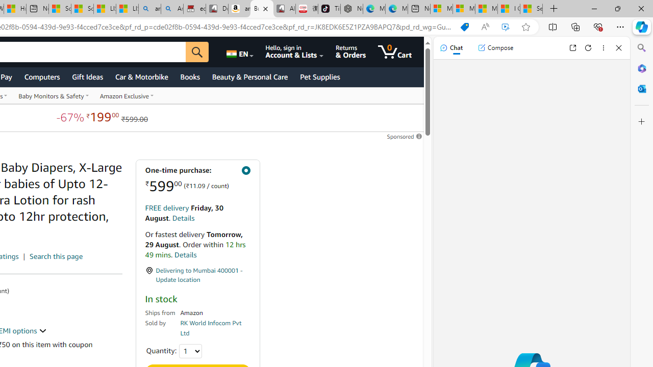 The height and width of the screenshot is (367, 653). I want to click on 'You have the best price!', so click(464, 27).